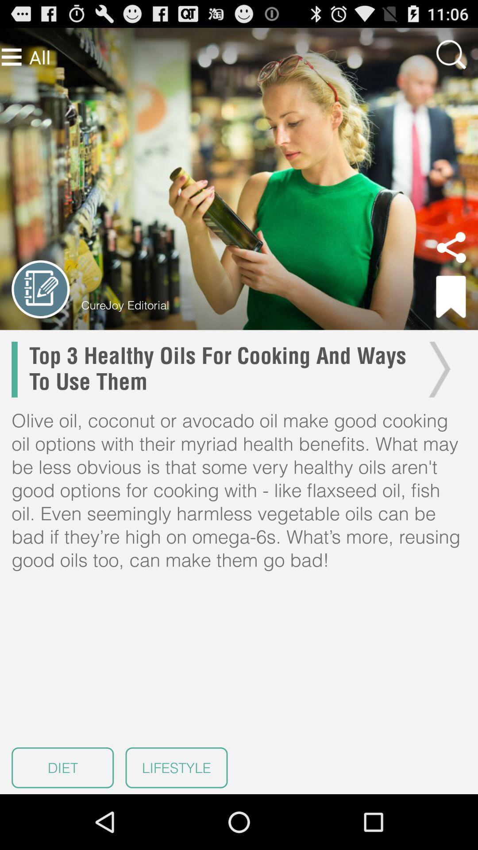  What do you see at coordinates (62, 767) in the screenshot?
I see `item next to lifestyle icon` at bounding box center [62, 767].